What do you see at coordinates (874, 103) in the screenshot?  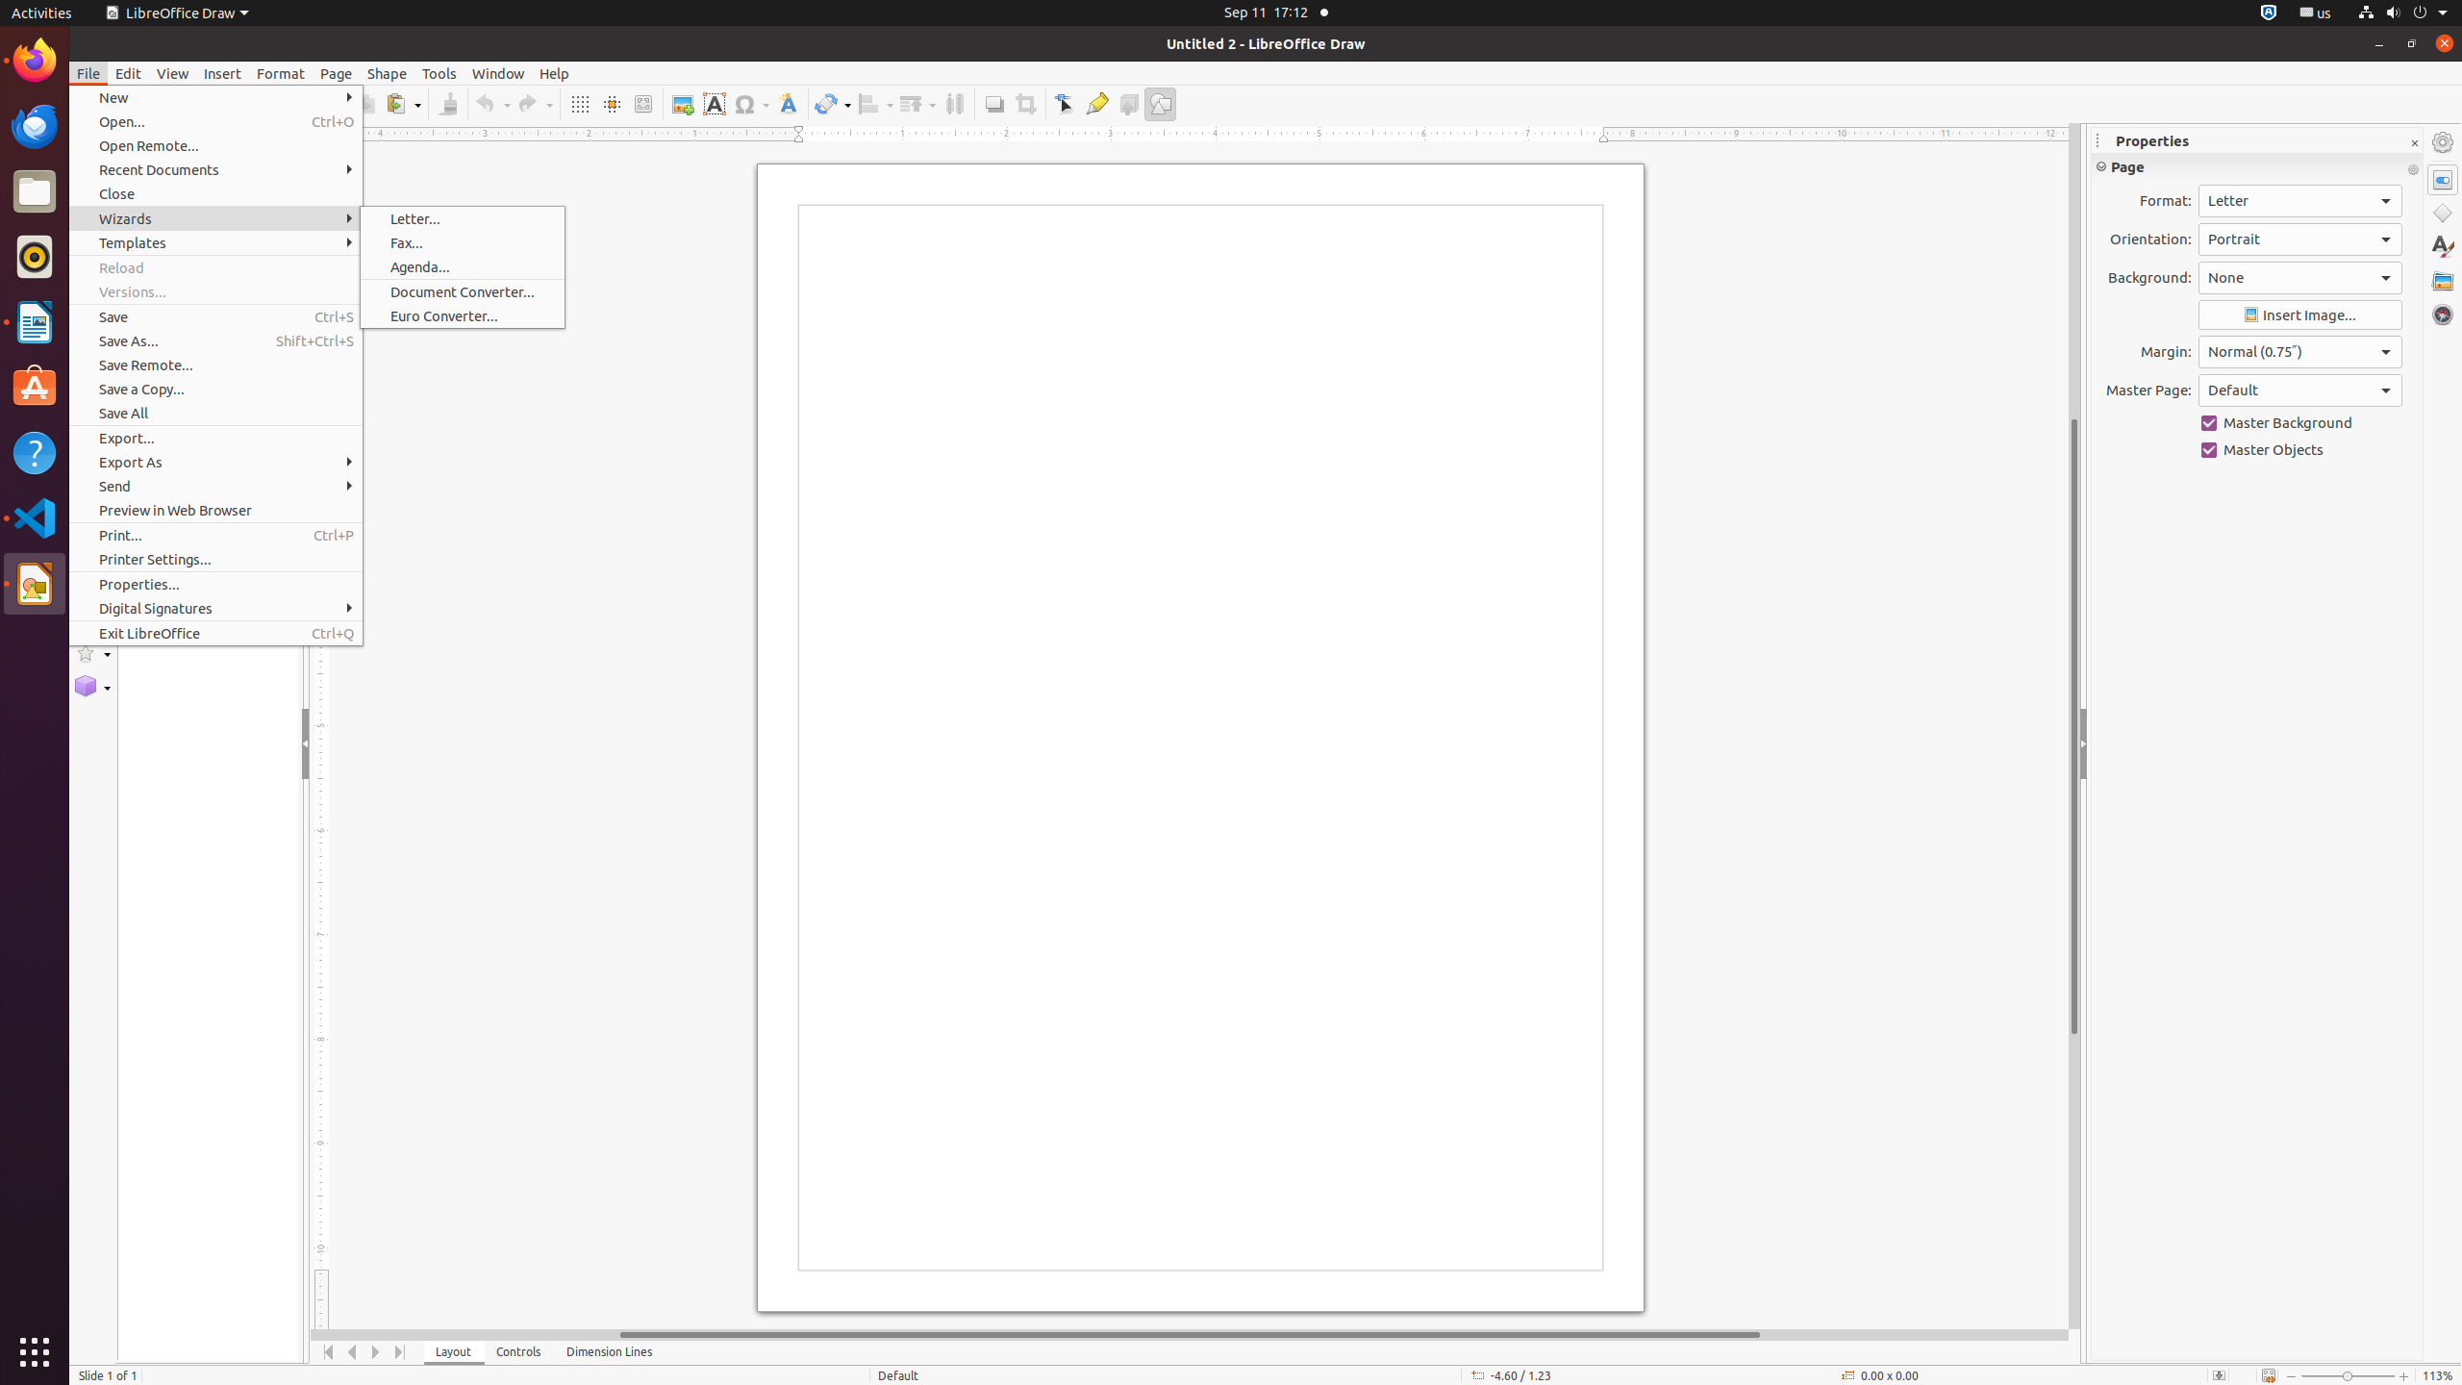 I see `'Align'` at bounding box center [874, 103].